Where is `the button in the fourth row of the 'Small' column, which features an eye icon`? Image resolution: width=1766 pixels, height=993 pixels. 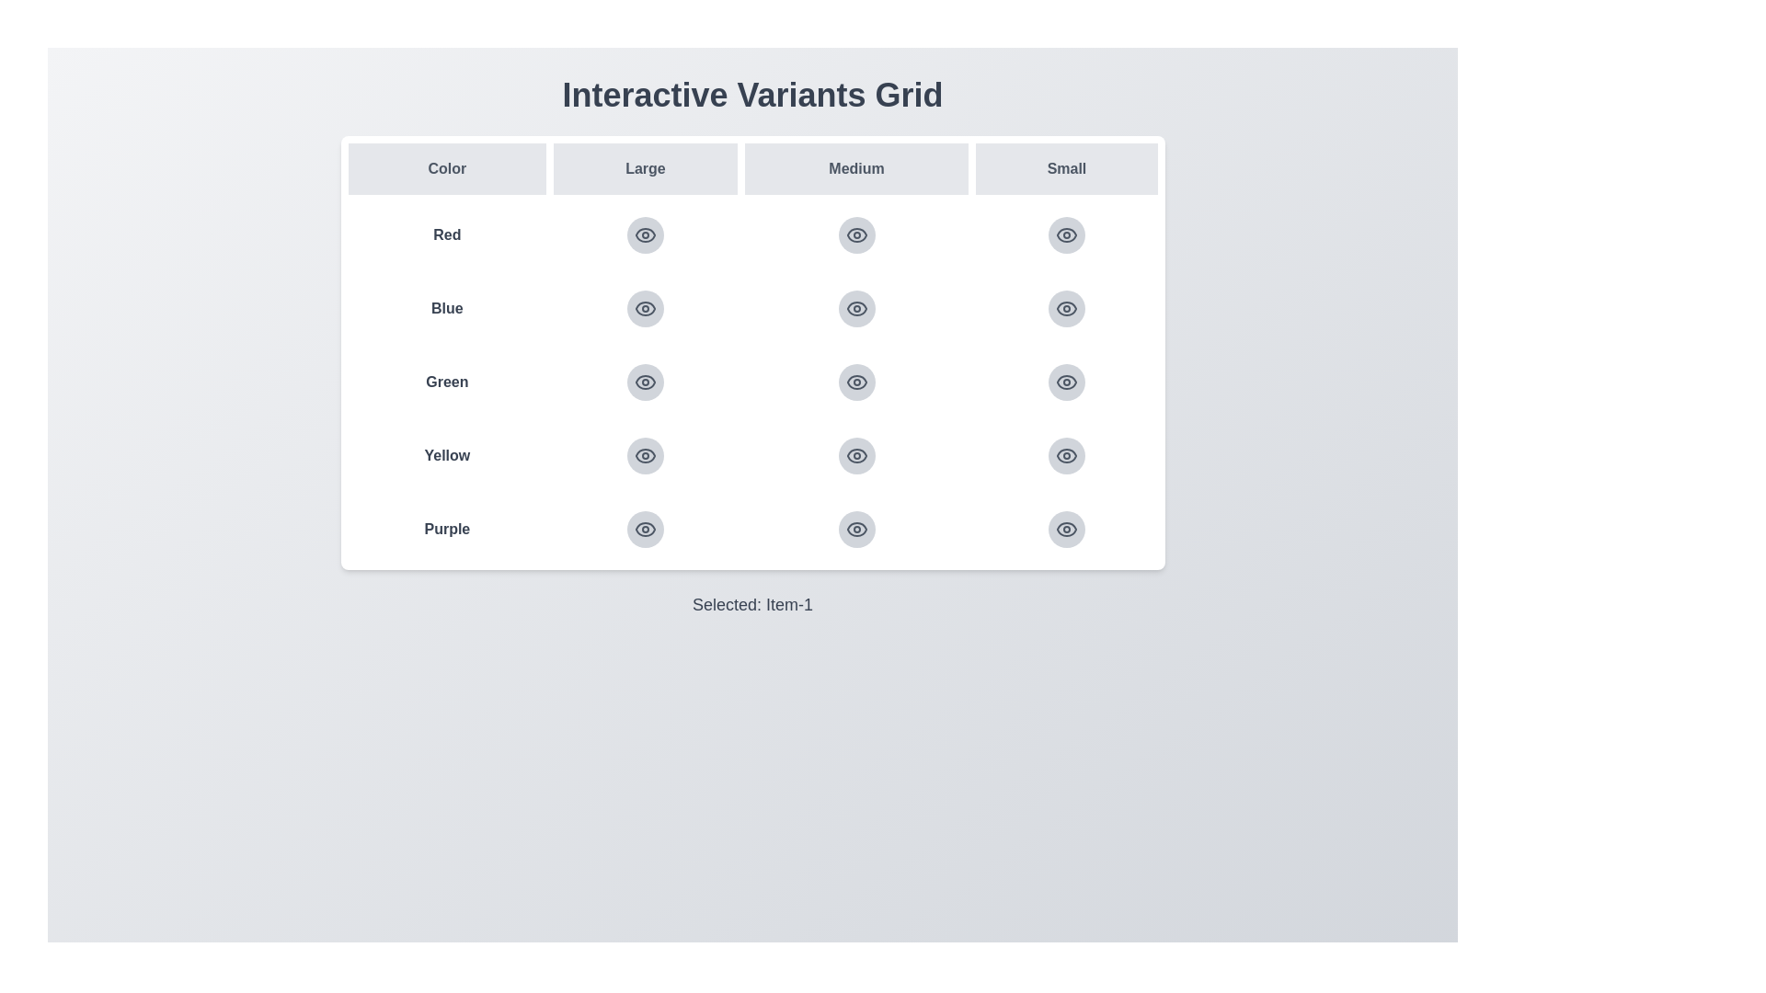 the button in the fourth row of the 'Small' column, which features an eye icon is located at coordinates (1067, 455).